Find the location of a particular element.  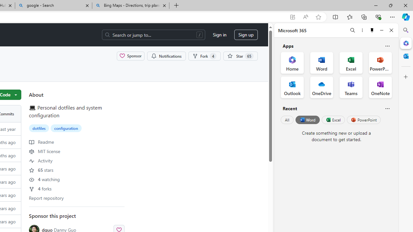

'dotfiles' is located at coordinates (39, 128).